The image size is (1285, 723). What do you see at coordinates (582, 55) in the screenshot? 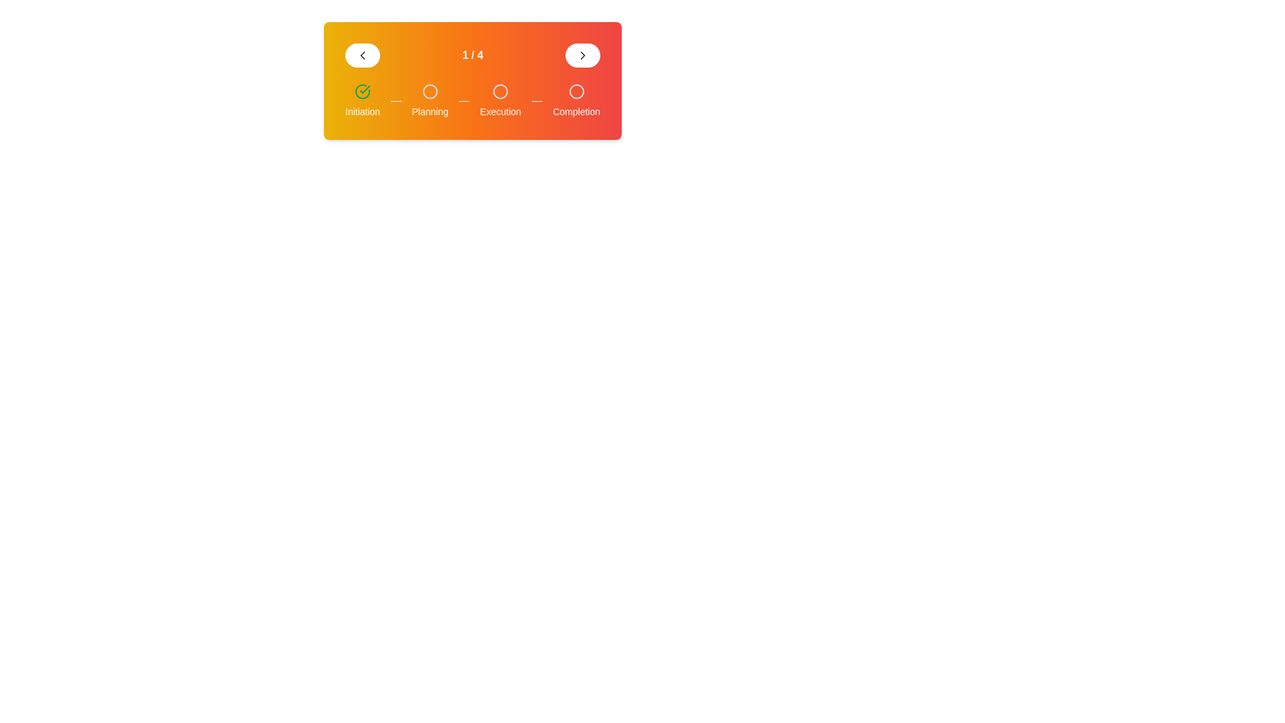
I see `the navigation button located on the far-right side of the horizontal navigation bar, which is adjacent to the '1 / 4' progression counter text` at bounding box center [582, 55].